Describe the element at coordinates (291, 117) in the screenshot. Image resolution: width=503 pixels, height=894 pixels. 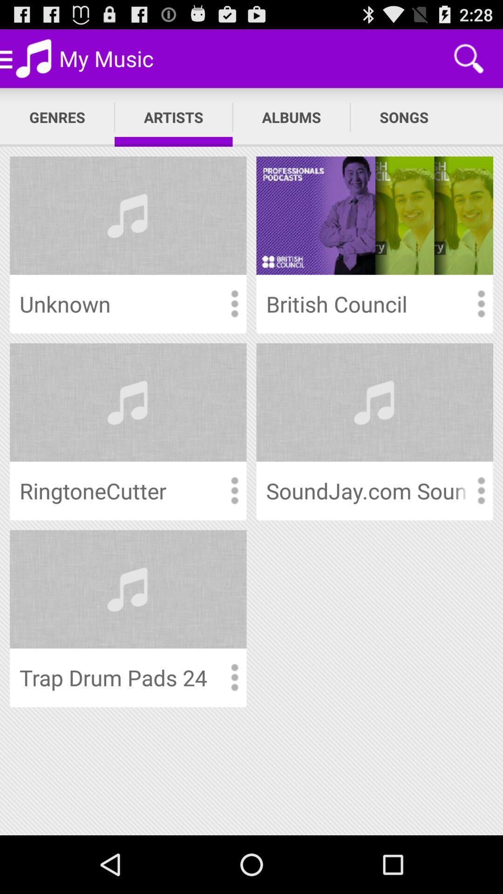
I see `item next to the songs icon` at that location.